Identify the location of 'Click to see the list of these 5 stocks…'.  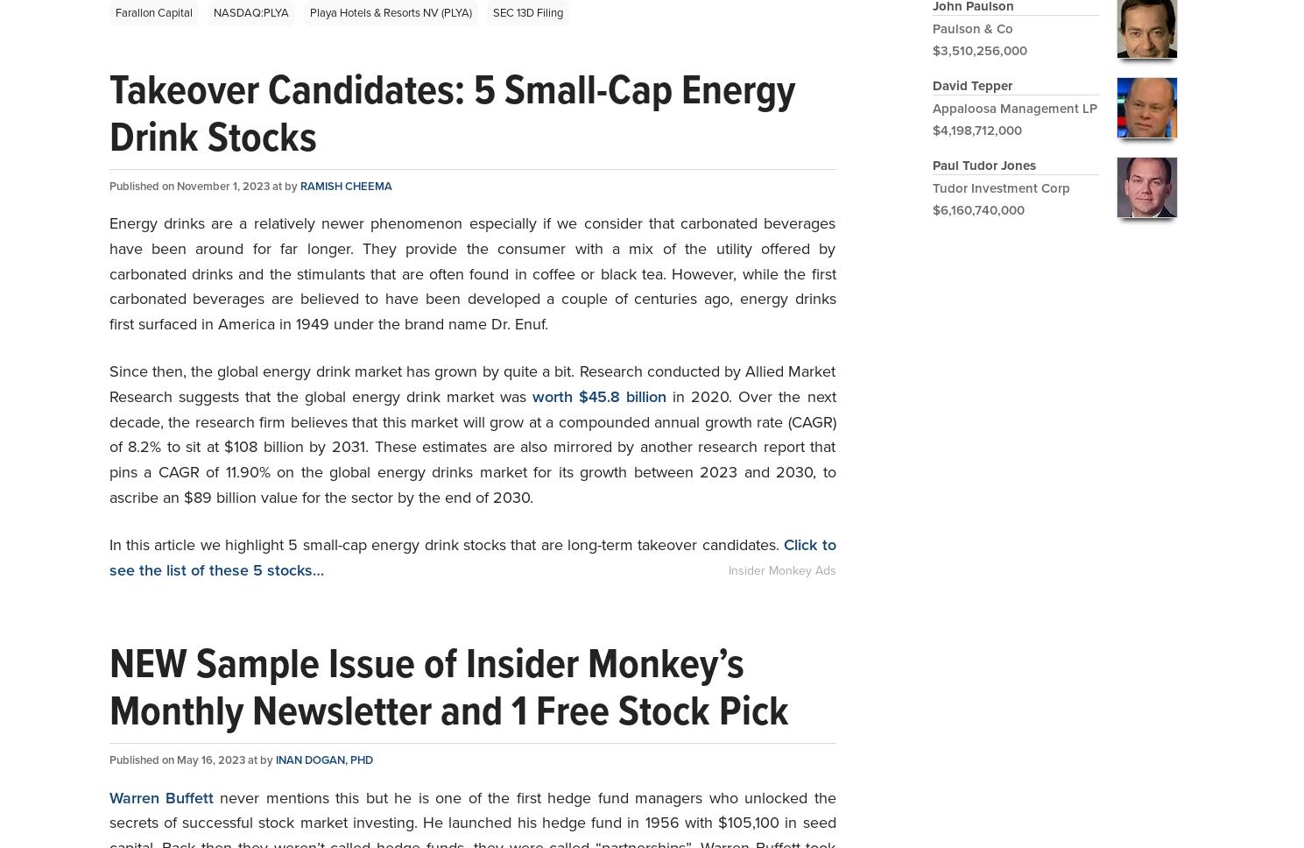
(108, 555).